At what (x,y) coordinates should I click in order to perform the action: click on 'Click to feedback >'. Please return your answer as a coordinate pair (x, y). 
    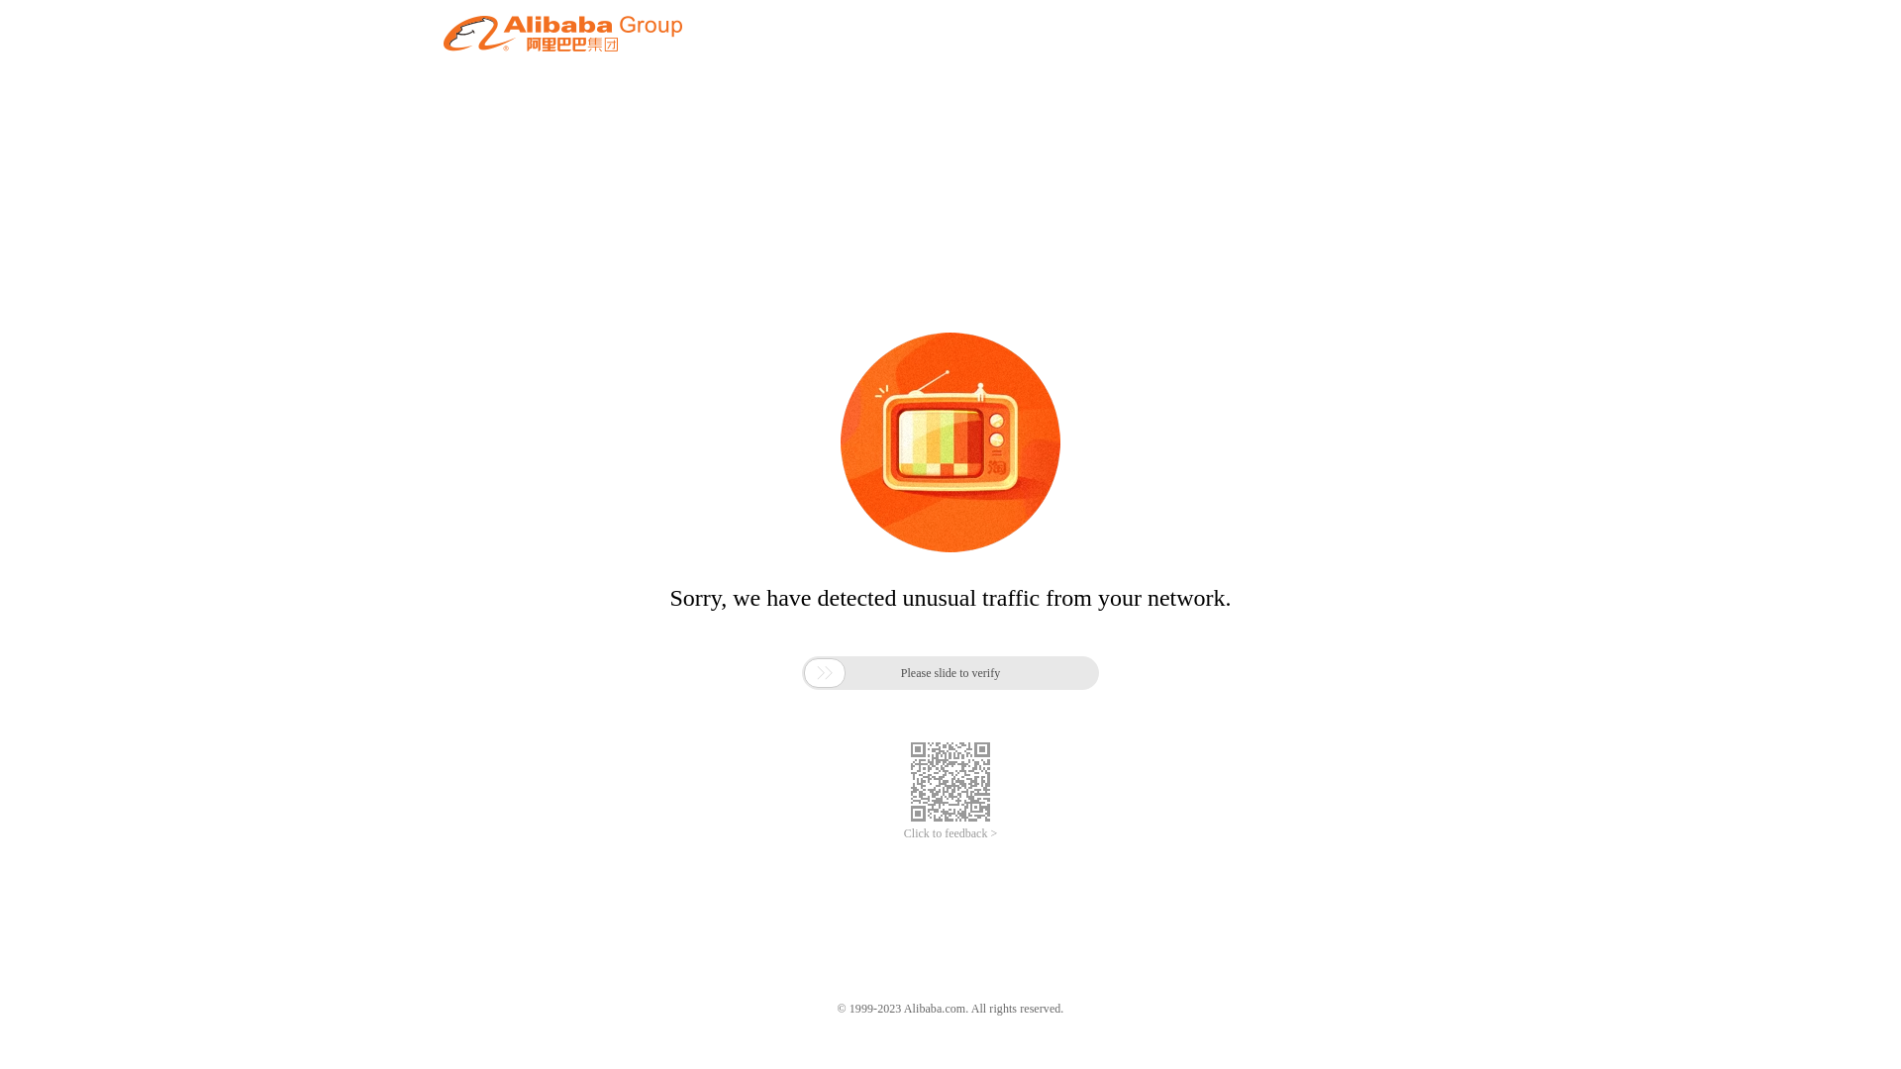
    Looking at the image, I should click on (950, 833).